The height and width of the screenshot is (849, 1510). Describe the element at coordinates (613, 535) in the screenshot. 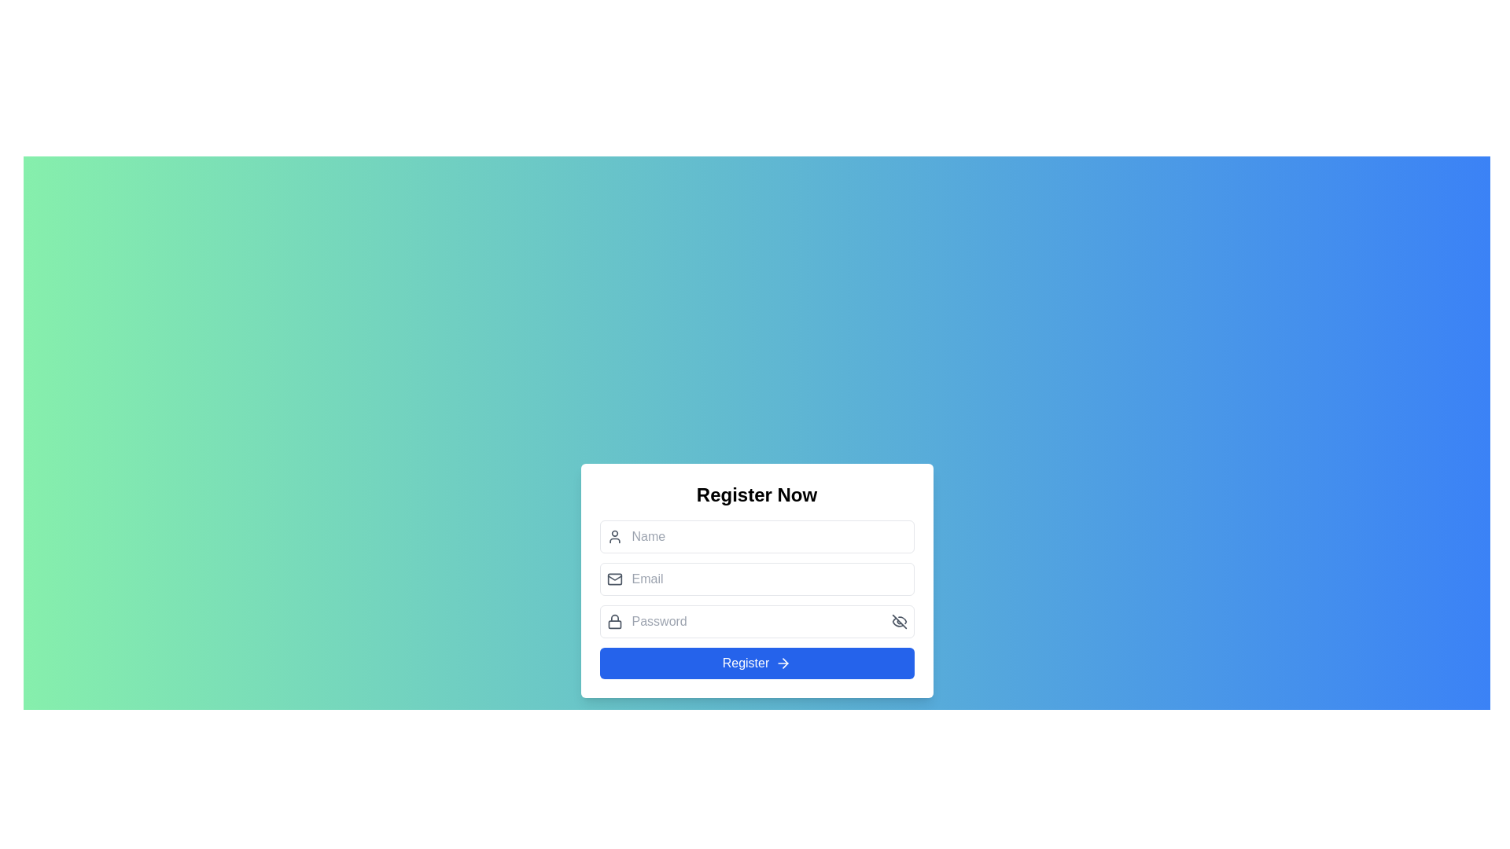

I see `the decorative user icon located to the left of the name input field` at that location.